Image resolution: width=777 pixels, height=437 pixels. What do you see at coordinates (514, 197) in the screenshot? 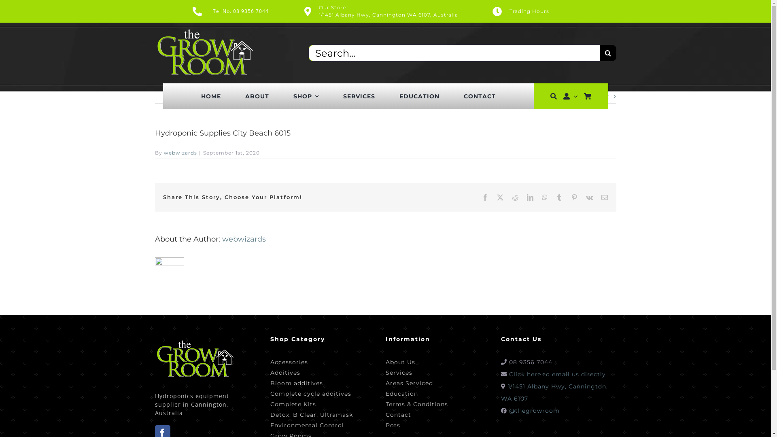
I see `'Reddit'` at bounding box center [514, 197].